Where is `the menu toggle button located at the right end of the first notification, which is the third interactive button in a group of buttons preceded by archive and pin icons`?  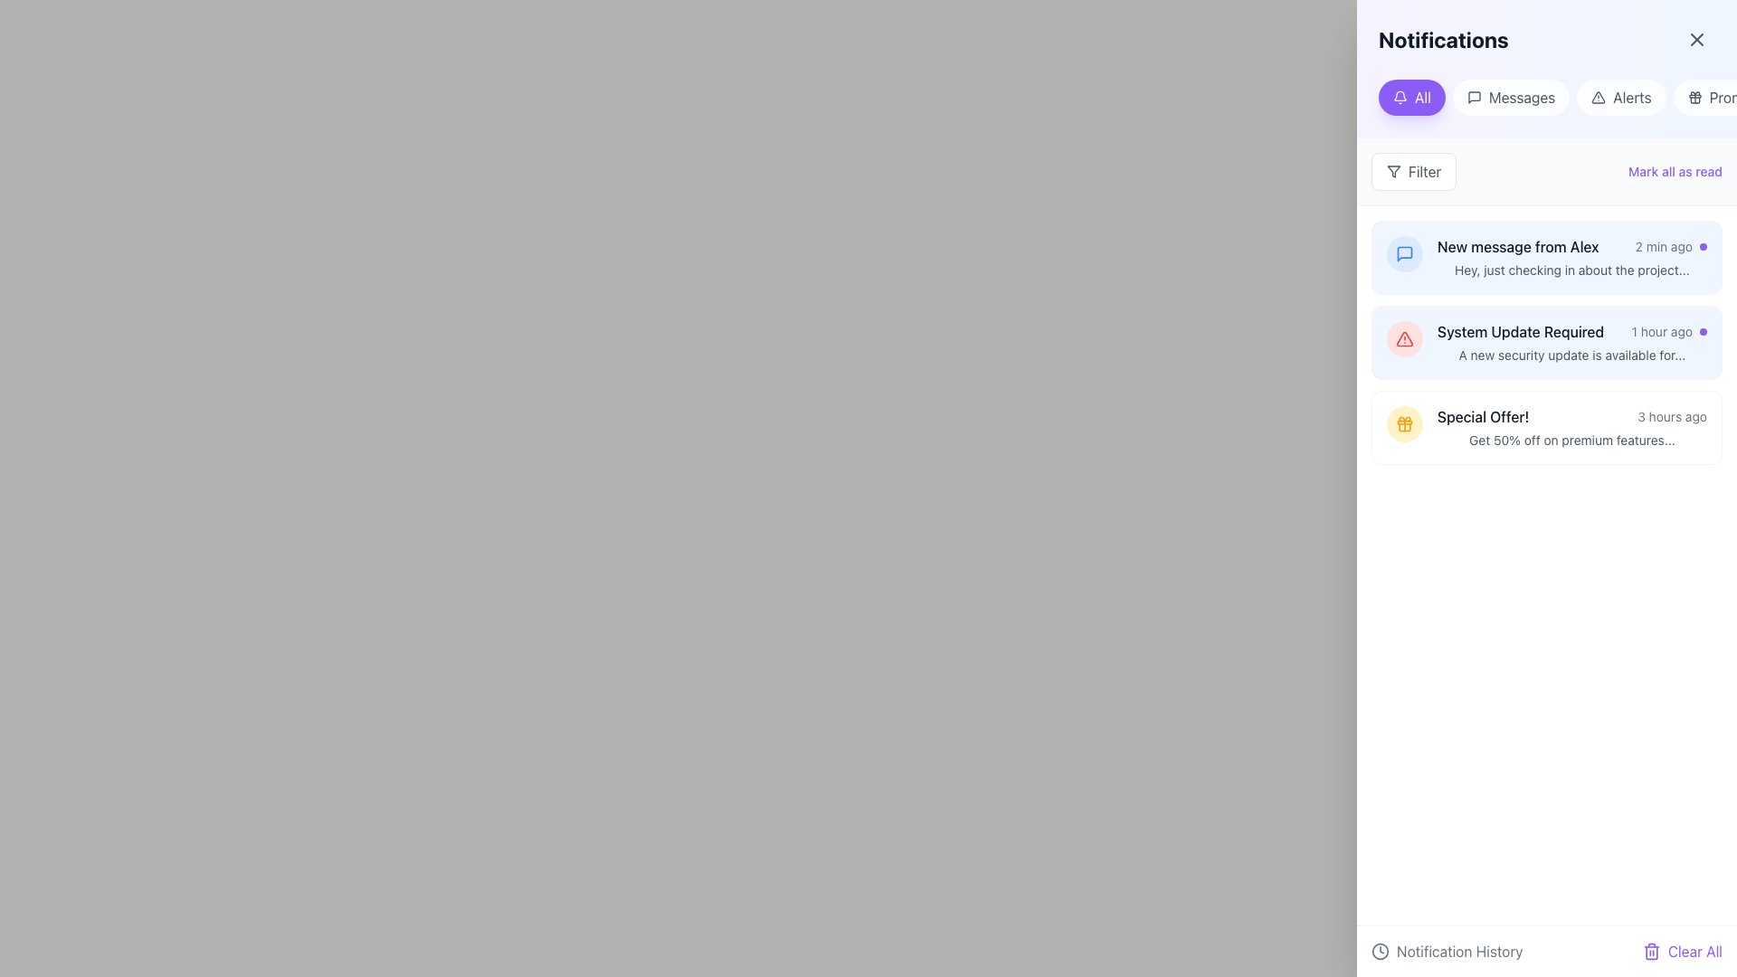 the menu toggle button located at the right end of the first notification, which is the third interactive button in a group of buttons preceded by archive and pin icons is located at coordinates (1692, 258).